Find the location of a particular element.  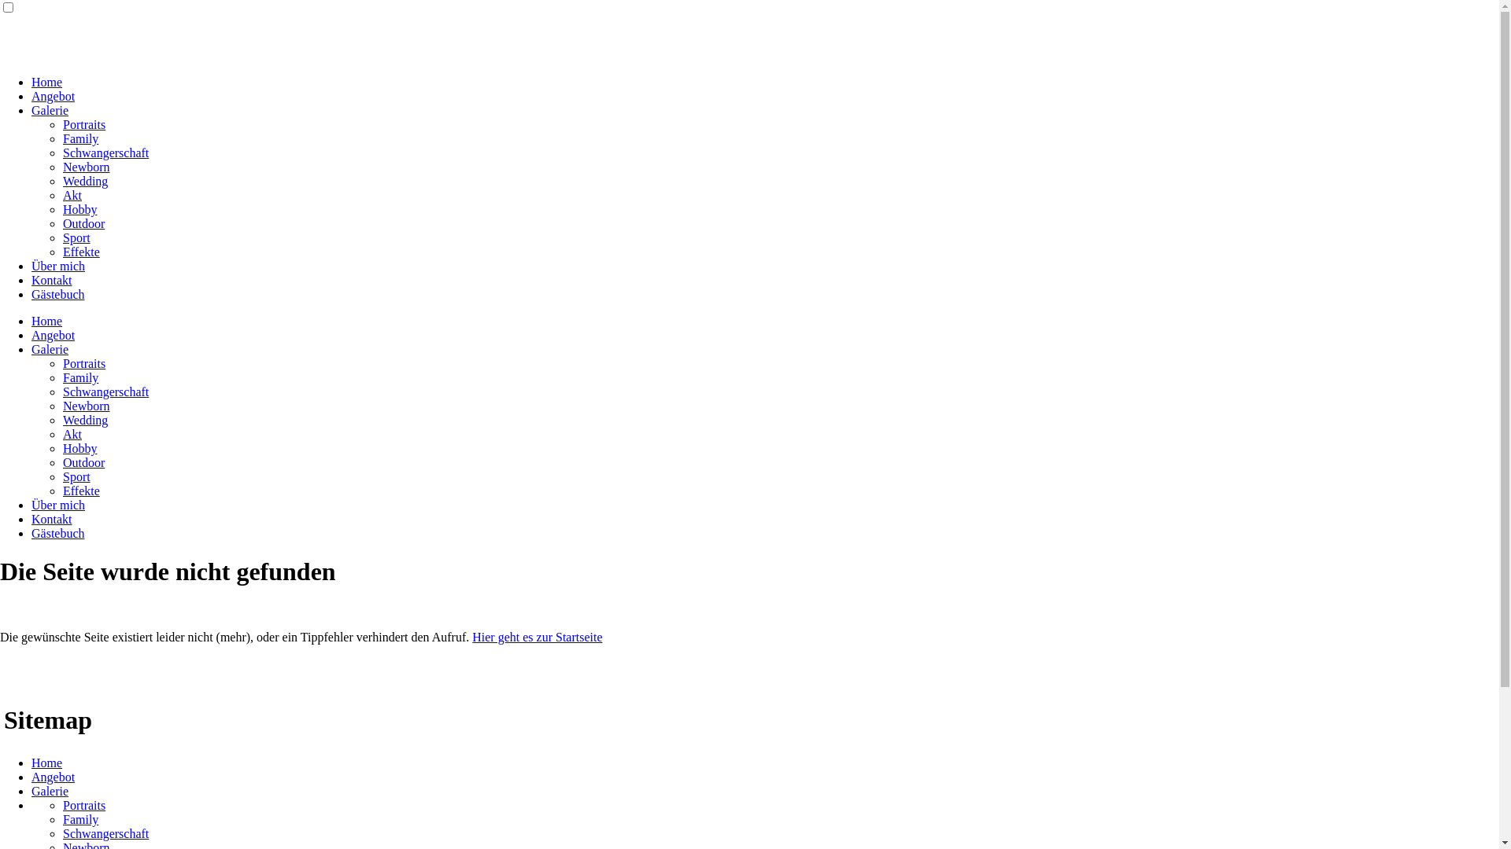

'Home' is located at coordinates (46, 82).